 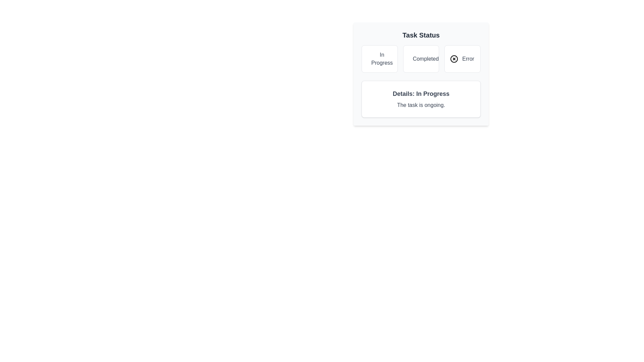 I want to click on the text label that reads 'Details: In Progress', which is styled with a bold, larger font and is located within a light gray section with rounded corners, so click(x=421, y=94).